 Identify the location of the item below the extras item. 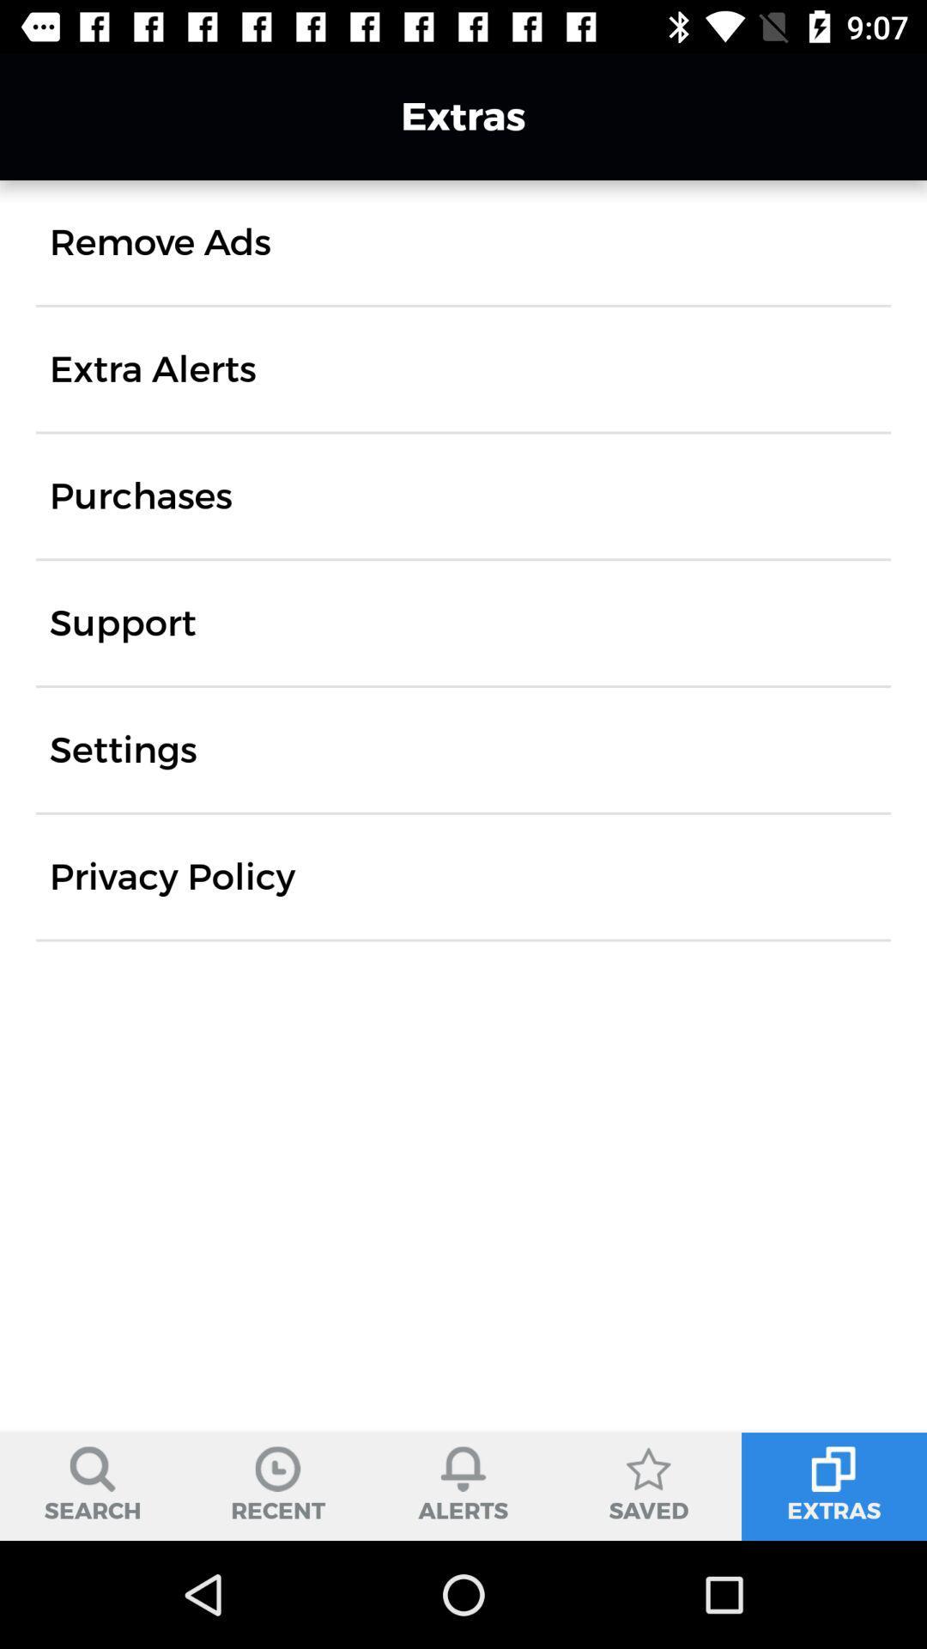
(160, 241).